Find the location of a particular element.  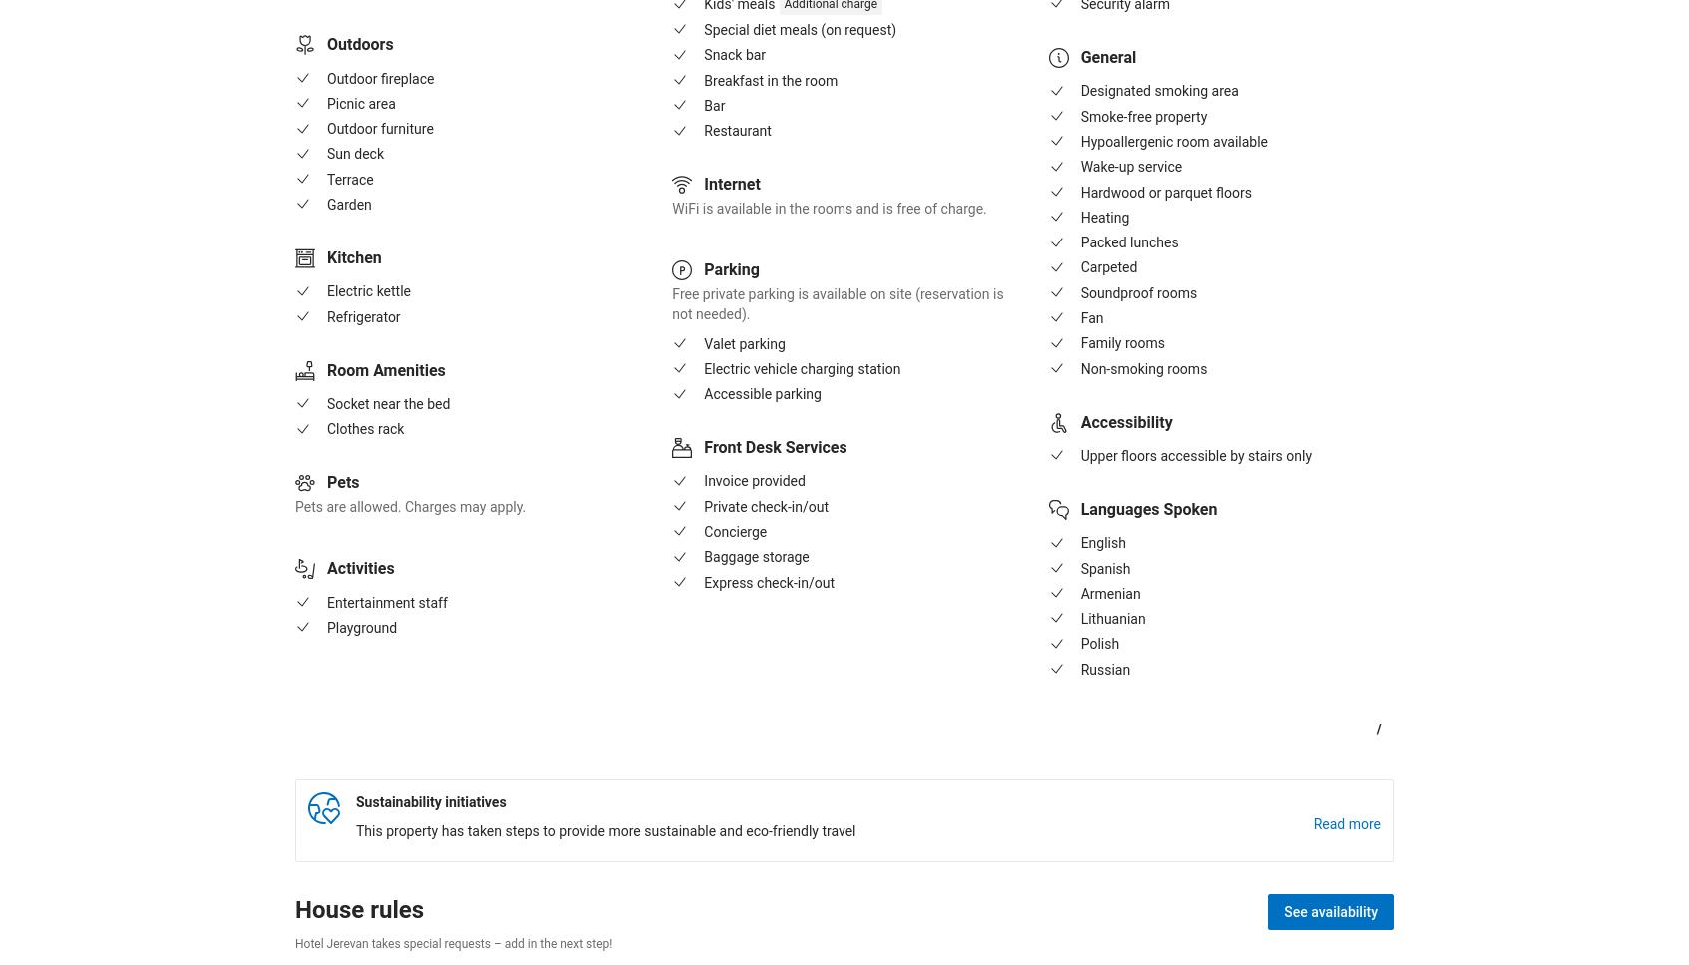

'Socket near the bed' is located at coordinates (388, 403).